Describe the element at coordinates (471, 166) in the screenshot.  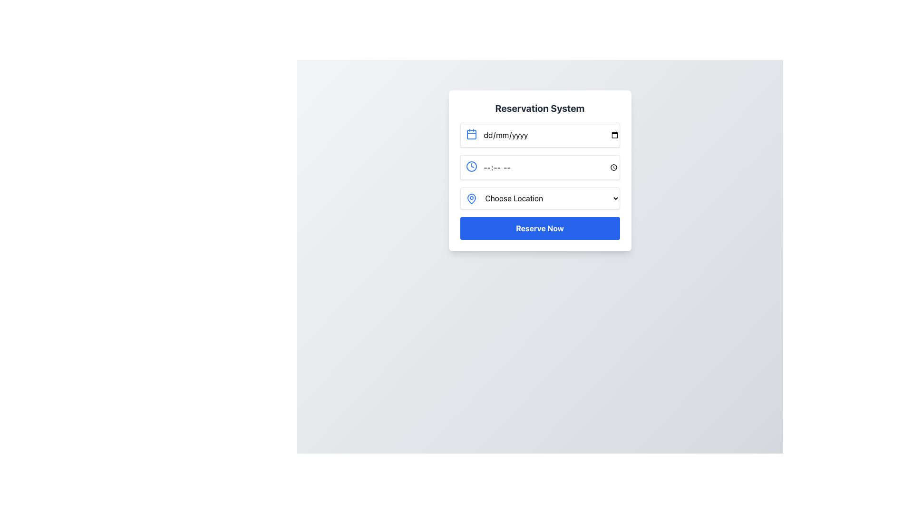
I see `the time selection icon located in the upper-left corner of the second input field, which is adjacent to the placeholder text '--:-- --'` at that location.